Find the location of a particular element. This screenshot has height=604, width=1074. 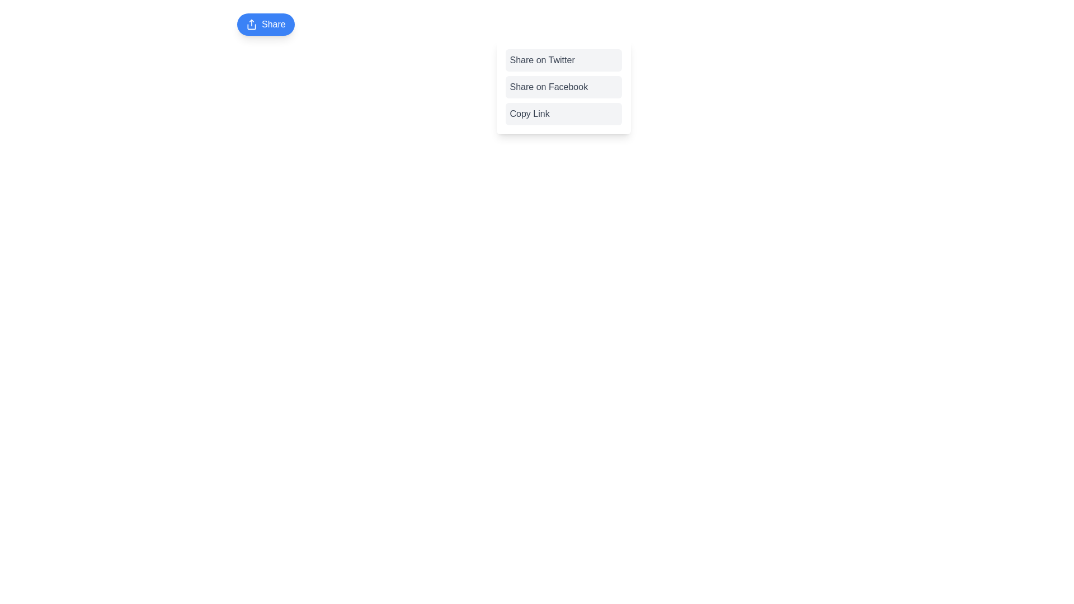

the 'Share on Facebook' button, which is a rectangular button with a grey background and the text 'Share on Facebook', to observe hover-specific design changes is located at coordinates (563, 86).